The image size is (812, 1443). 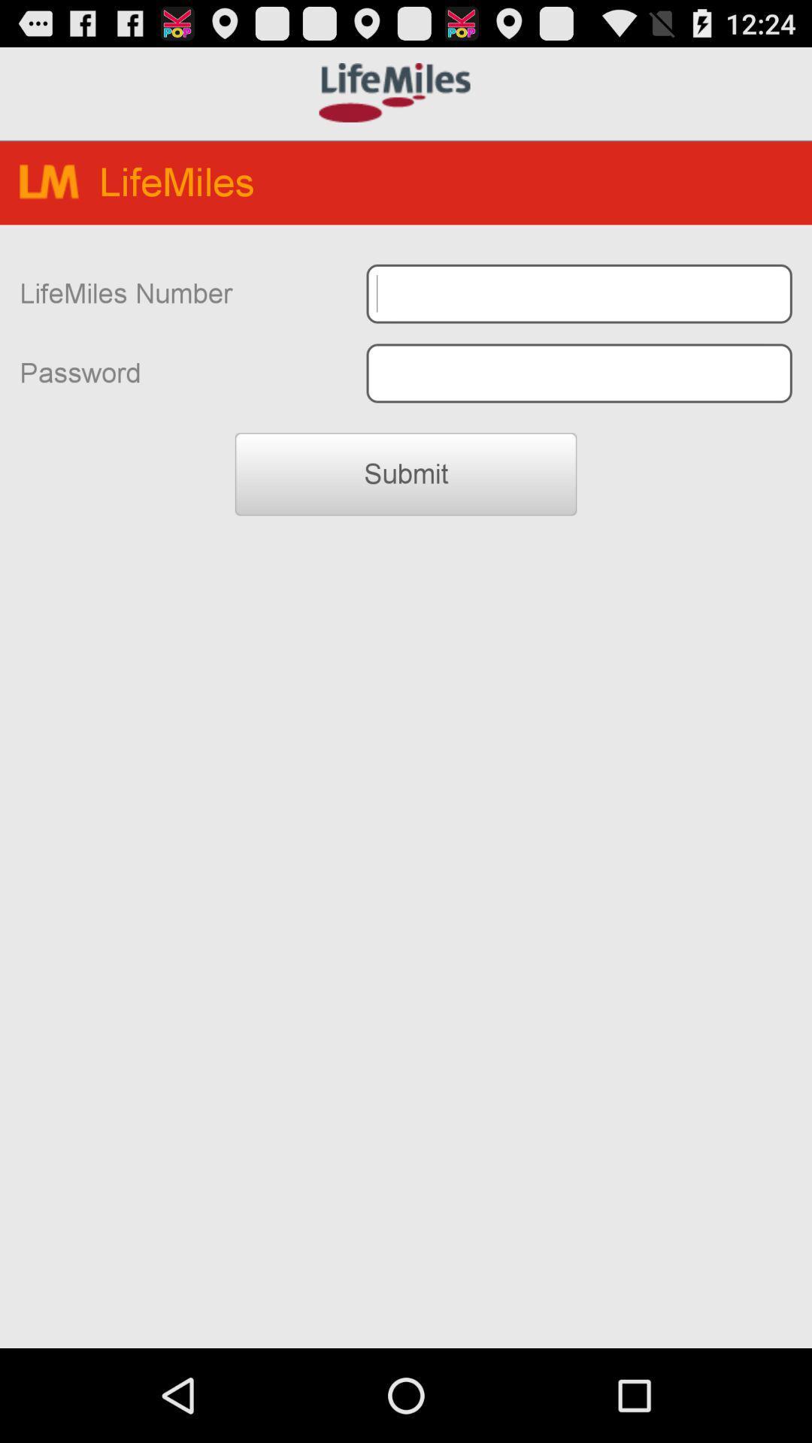 What do you see at coordinates (578, 294) in the screenshot?
I see `typing box` at bounding box center [578, 294].